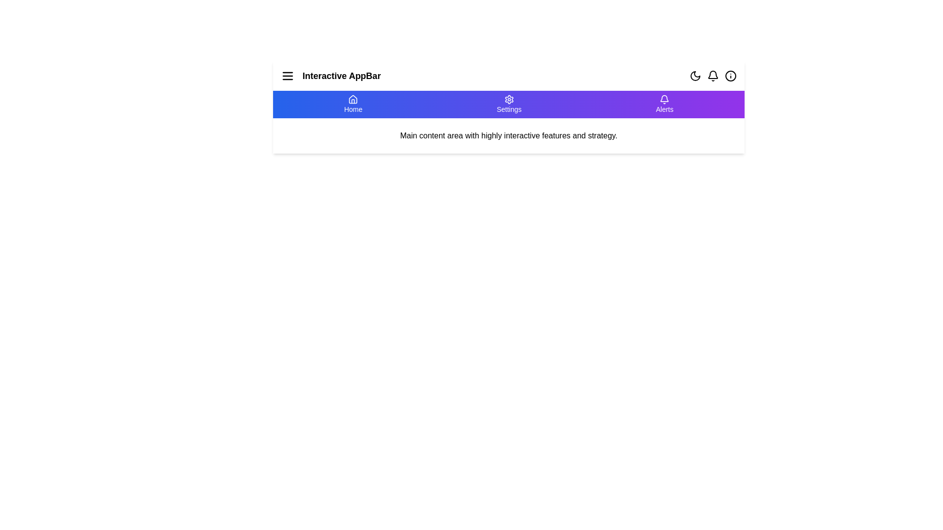 The width and height of the screenshot is (943, 530). I want to click on the info icon to access information, so click(731, 75).